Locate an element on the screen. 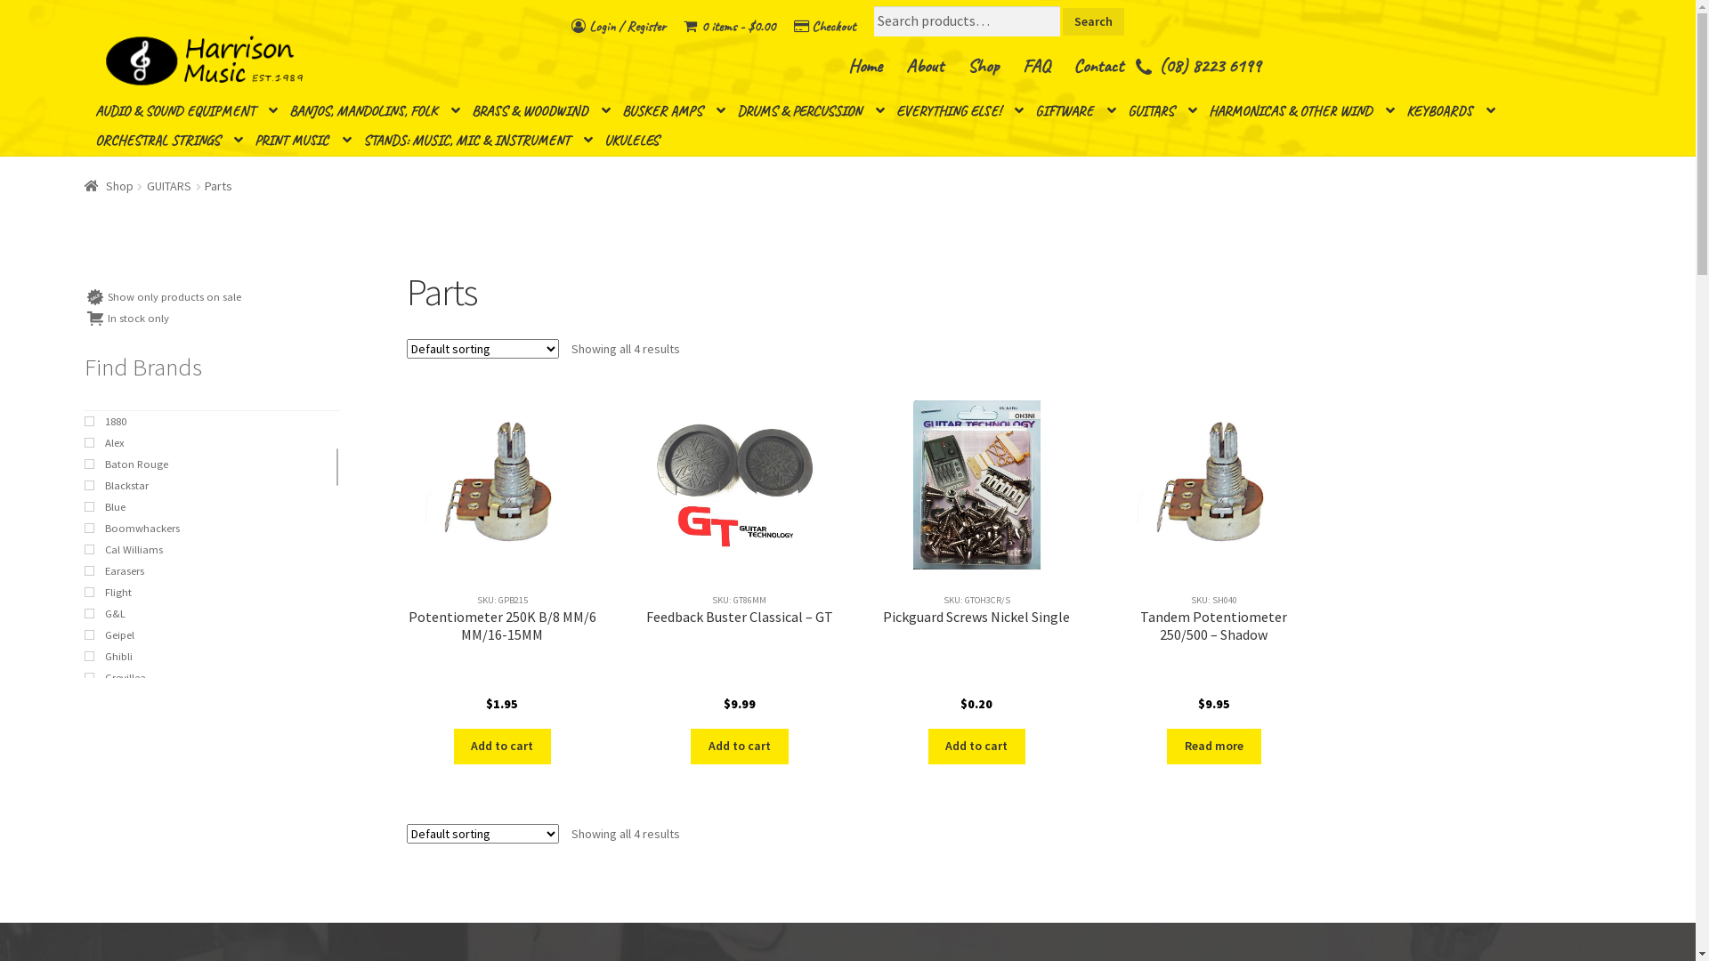  'STANDS: MUSIC, MIC & INSTRUMENT' is located at coordinates (478, 140).